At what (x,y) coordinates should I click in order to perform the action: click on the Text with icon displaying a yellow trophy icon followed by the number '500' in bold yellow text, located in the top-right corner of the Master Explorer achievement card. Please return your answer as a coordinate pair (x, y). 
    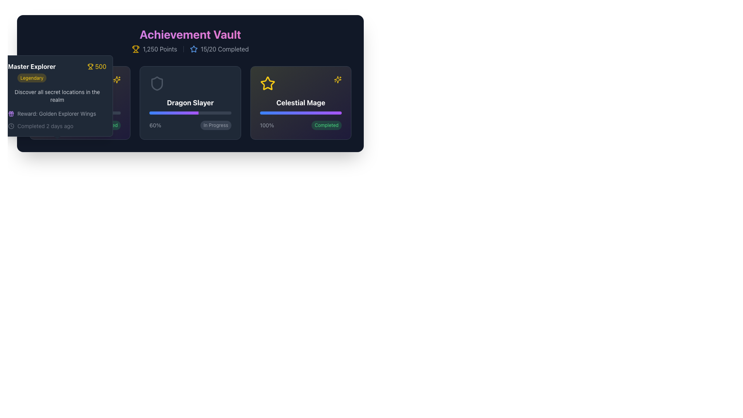
    Looking at the image, I should click on (96, 66).